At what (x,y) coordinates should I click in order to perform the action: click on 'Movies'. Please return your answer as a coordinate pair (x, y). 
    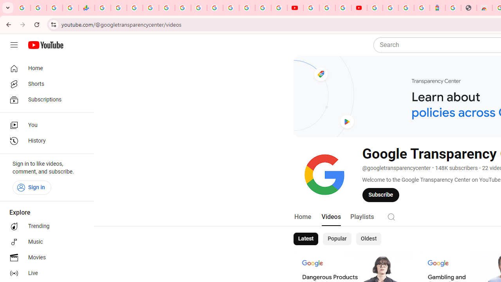
    Looking at the image, I should click on (44, 258).